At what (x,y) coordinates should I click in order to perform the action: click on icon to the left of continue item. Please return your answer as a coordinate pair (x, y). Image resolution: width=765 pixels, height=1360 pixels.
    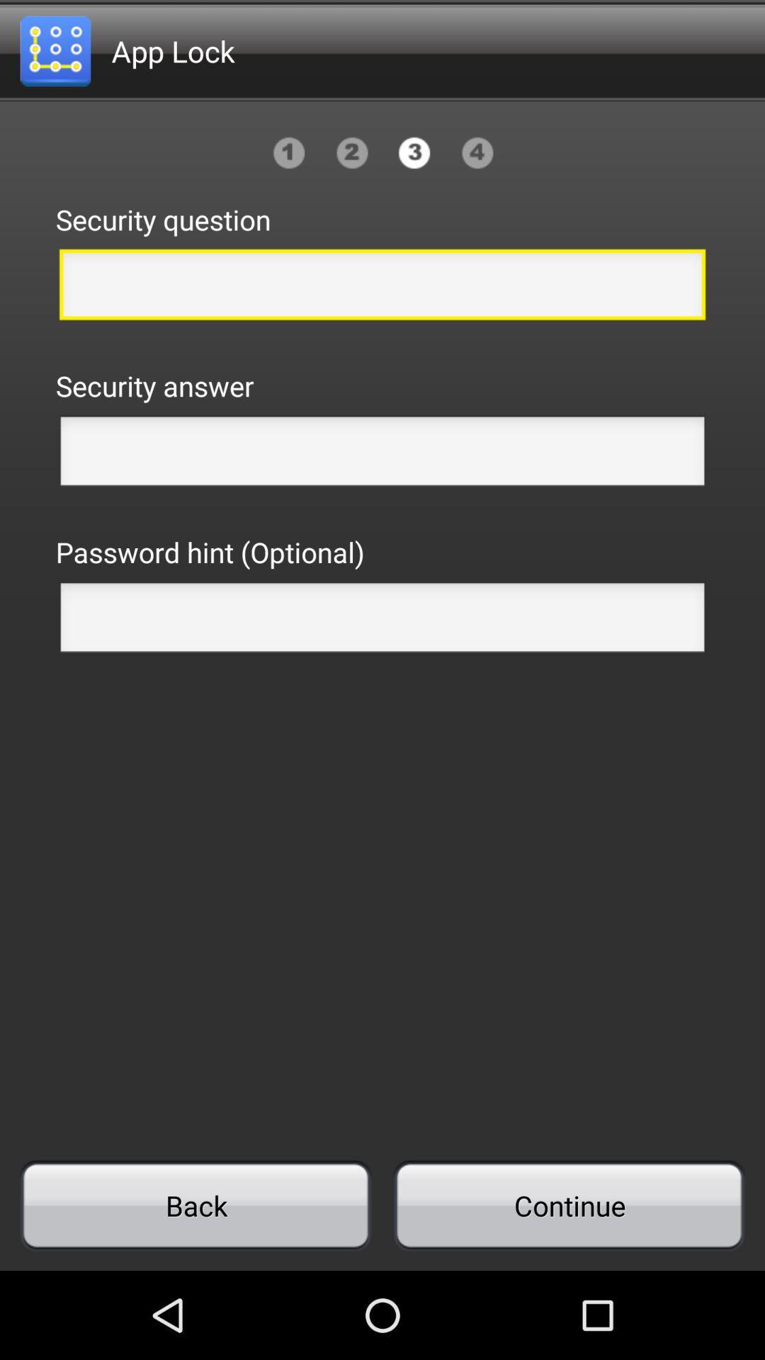
    Looking at the image, I should click on (195, 1205).